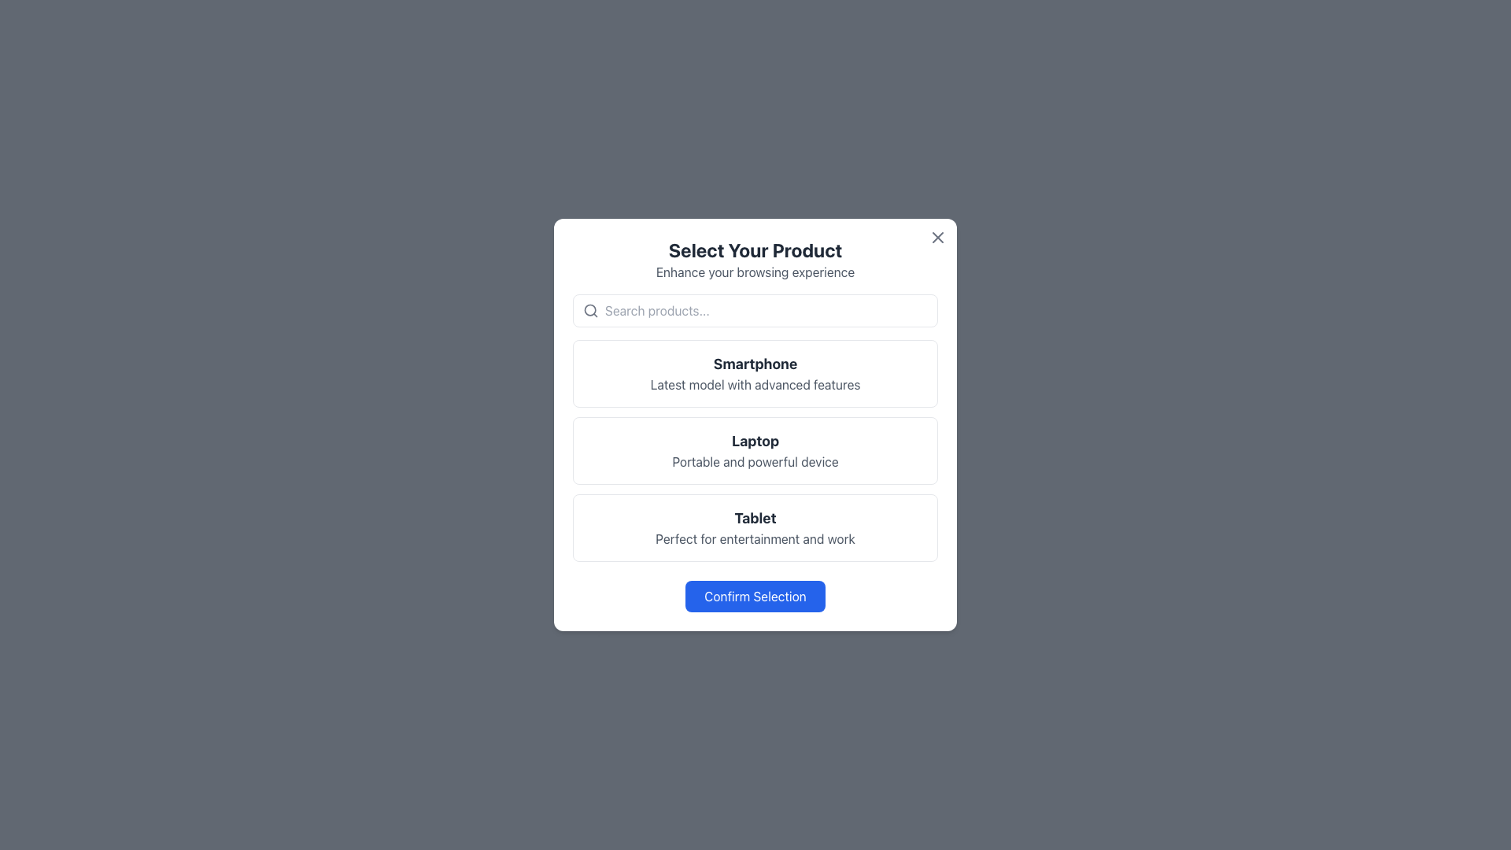 The height and width of the screenshot is (850, 1511). Describe the element at coordinates (755, 528) in the screenshot. I see `the selectable text-based card labeled 'Tablet' that displays two lines of text, with the first line in bold and larger font and the second line in smaller font` at that location.